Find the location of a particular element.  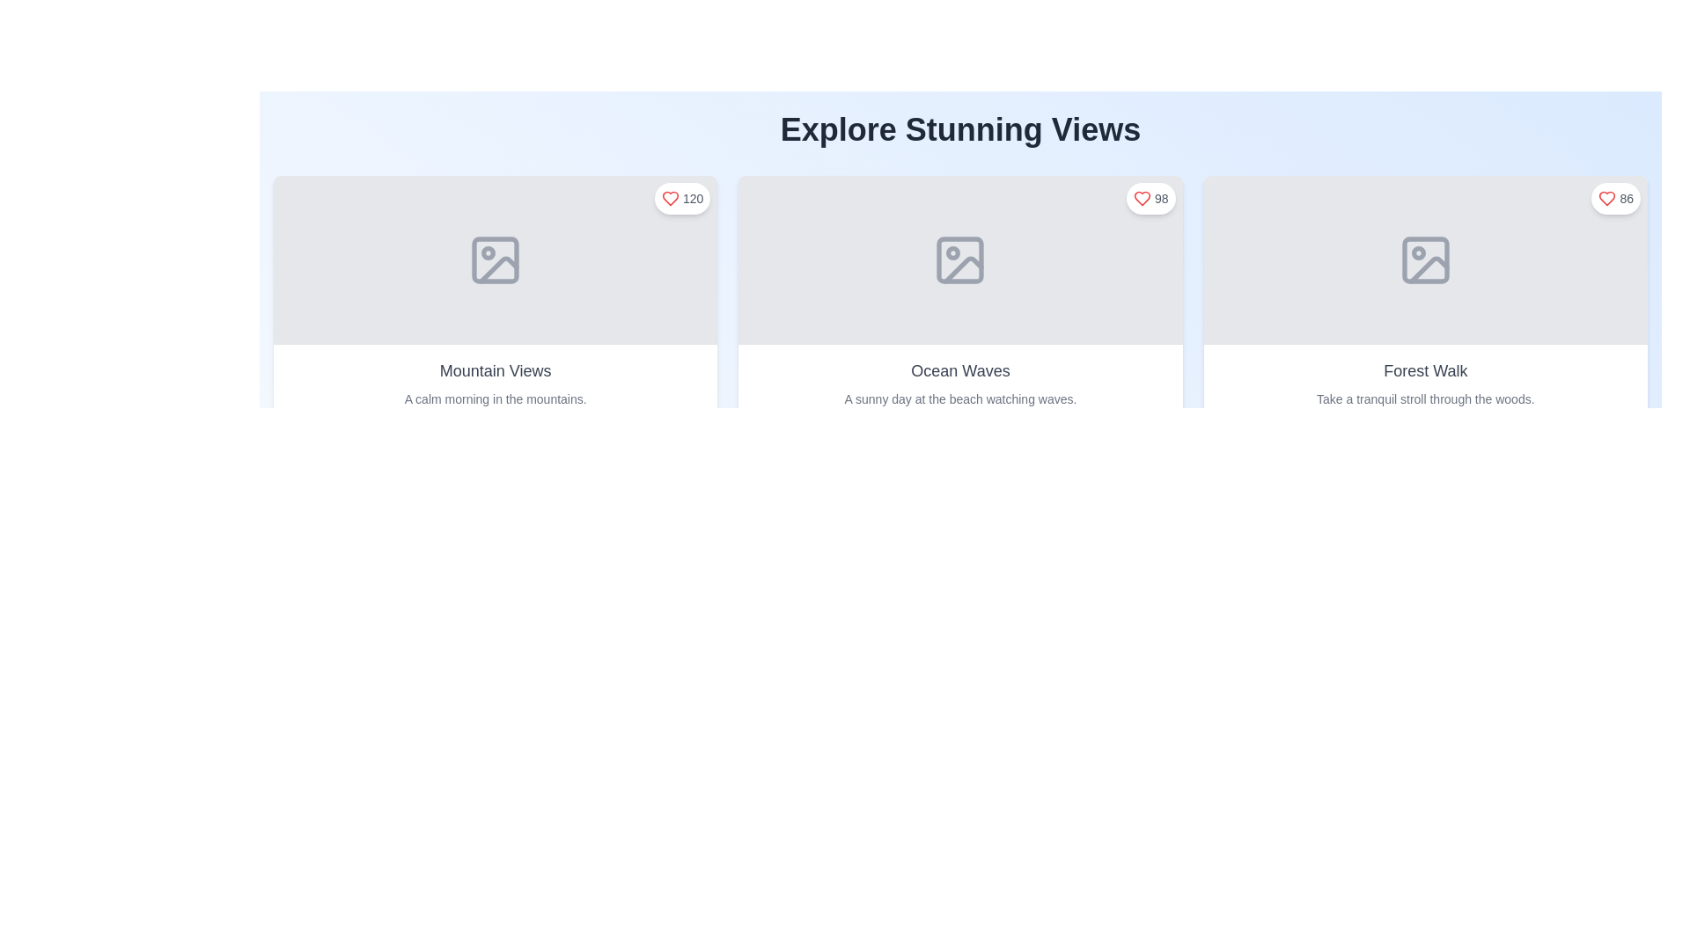

the rectangular decorative component styled in light gray, located at the center of the second card titled 'Ocean Waves' is located at coordinates (959, 260).